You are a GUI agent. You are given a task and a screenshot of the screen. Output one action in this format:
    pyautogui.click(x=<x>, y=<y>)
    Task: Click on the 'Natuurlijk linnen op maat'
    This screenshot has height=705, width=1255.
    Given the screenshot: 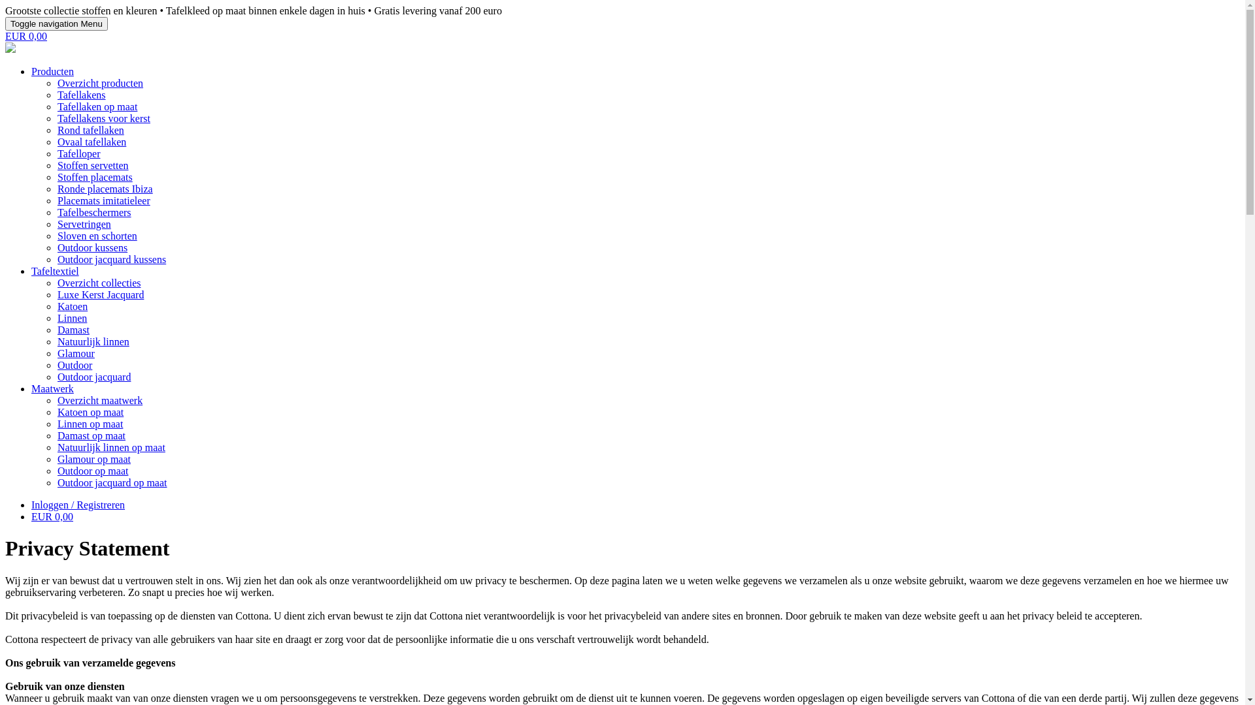 What is the action you would take?
    pyautogui.click(x=111, y=446)
    